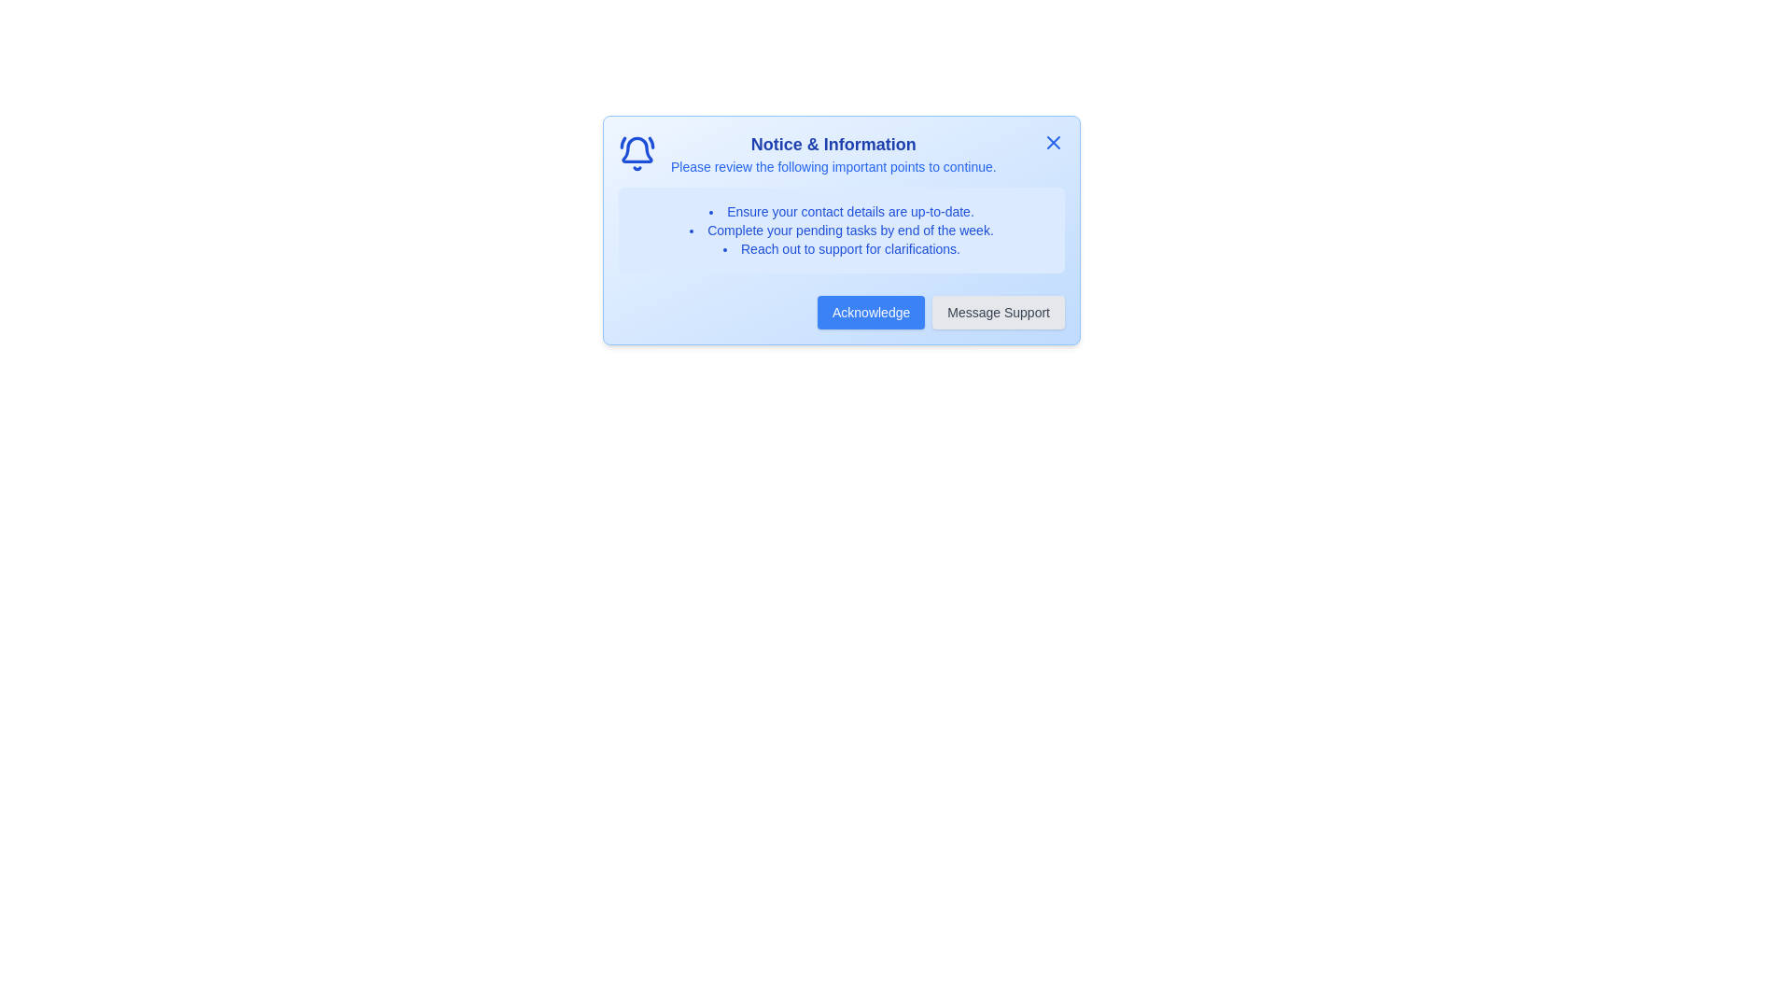 The height and width of the screenshot is (1008, 1792). I want to click on the alert component to focus on it, so click(841, 229).